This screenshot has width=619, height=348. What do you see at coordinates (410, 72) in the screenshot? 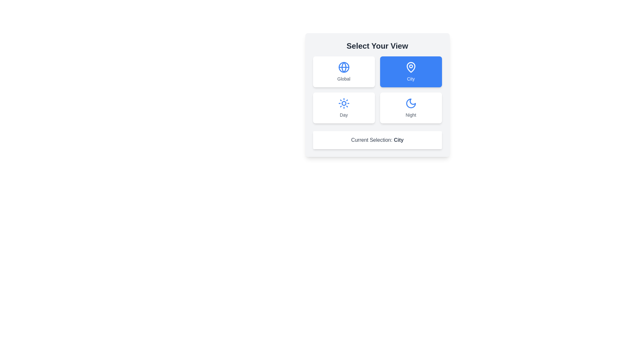
I see `the blue rectangular button with rounded corners and a map pin icon labeled 'City'` at bounding box center [410, 72].